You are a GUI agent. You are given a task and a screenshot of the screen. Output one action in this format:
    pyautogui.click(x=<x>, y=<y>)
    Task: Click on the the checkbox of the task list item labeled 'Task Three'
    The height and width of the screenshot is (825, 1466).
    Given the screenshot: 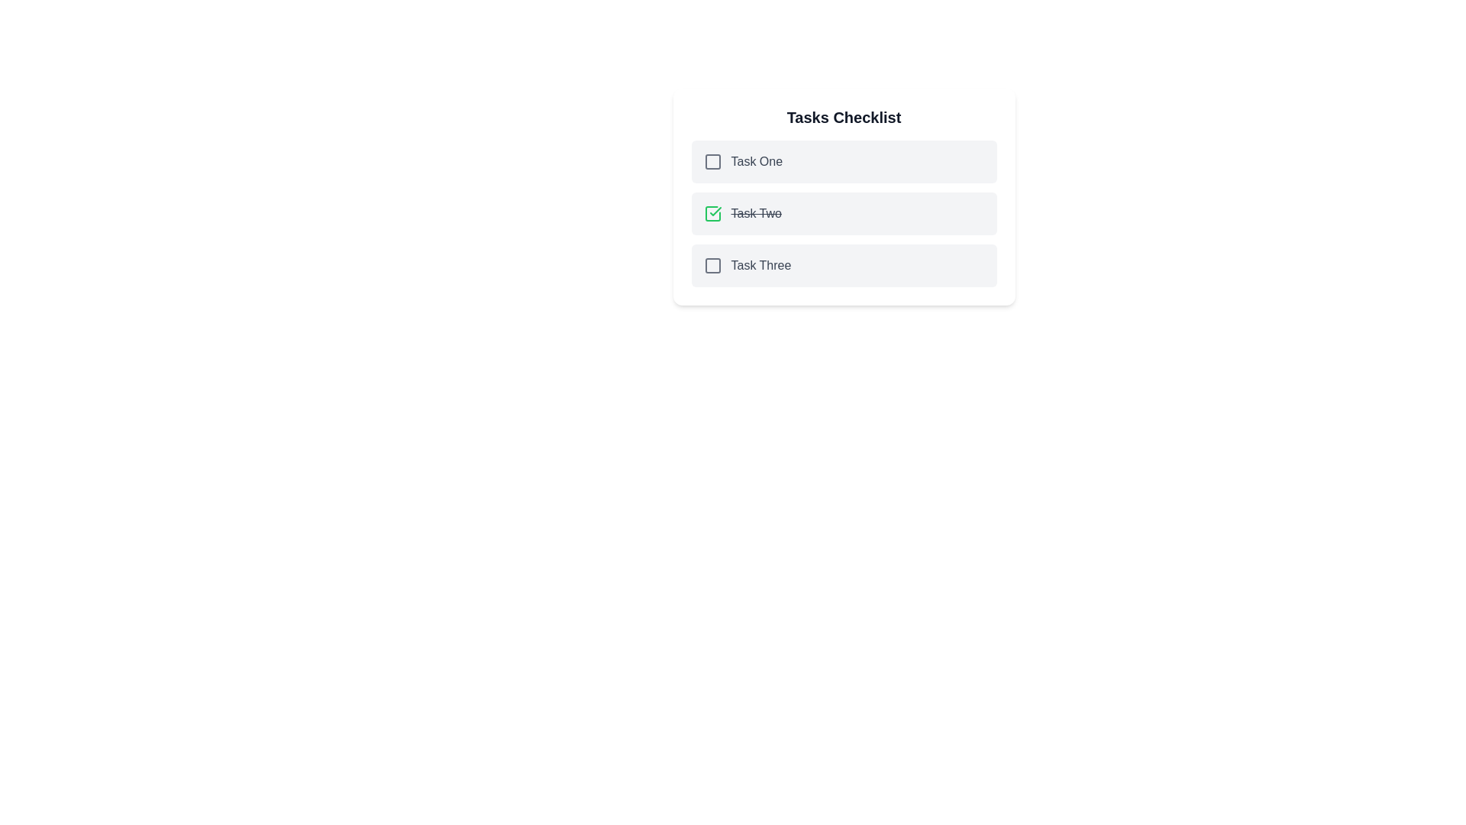 What is the action you would take?
    pyautogui.click(x=843, y=264)
    